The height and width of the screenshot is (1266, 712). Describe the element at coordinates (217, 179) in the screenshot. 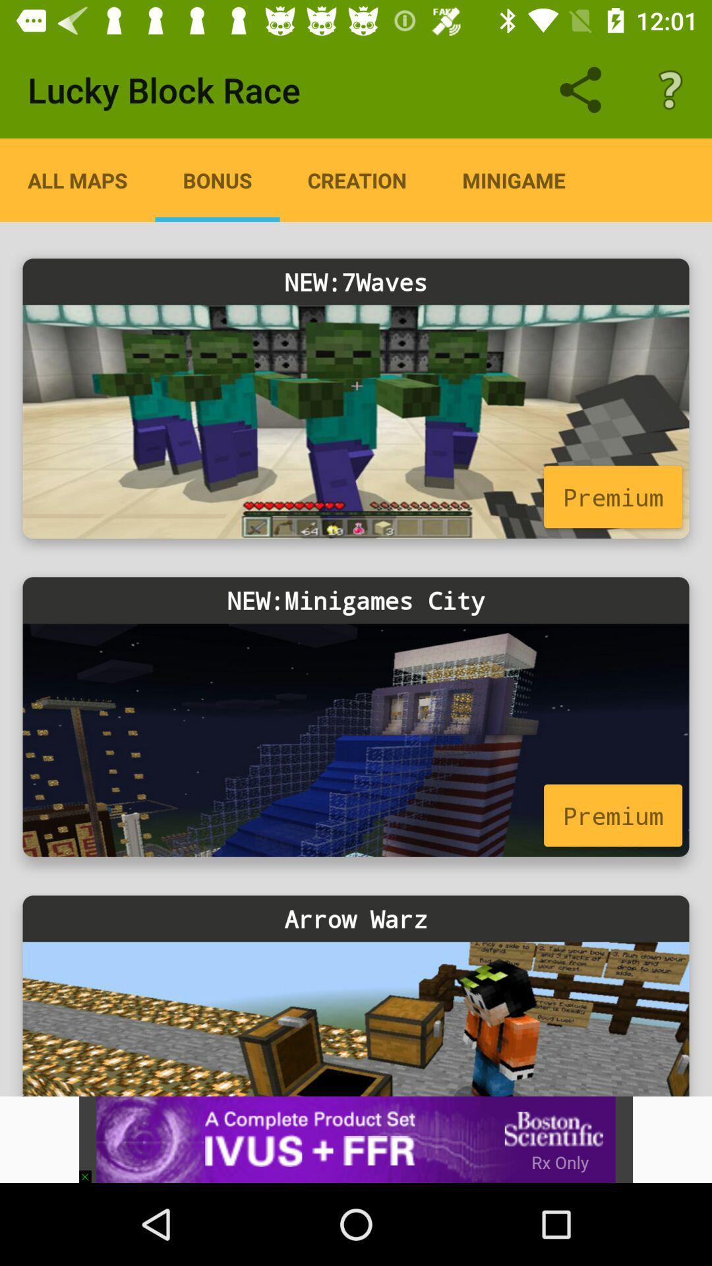

I see `bonus icon` at that location.